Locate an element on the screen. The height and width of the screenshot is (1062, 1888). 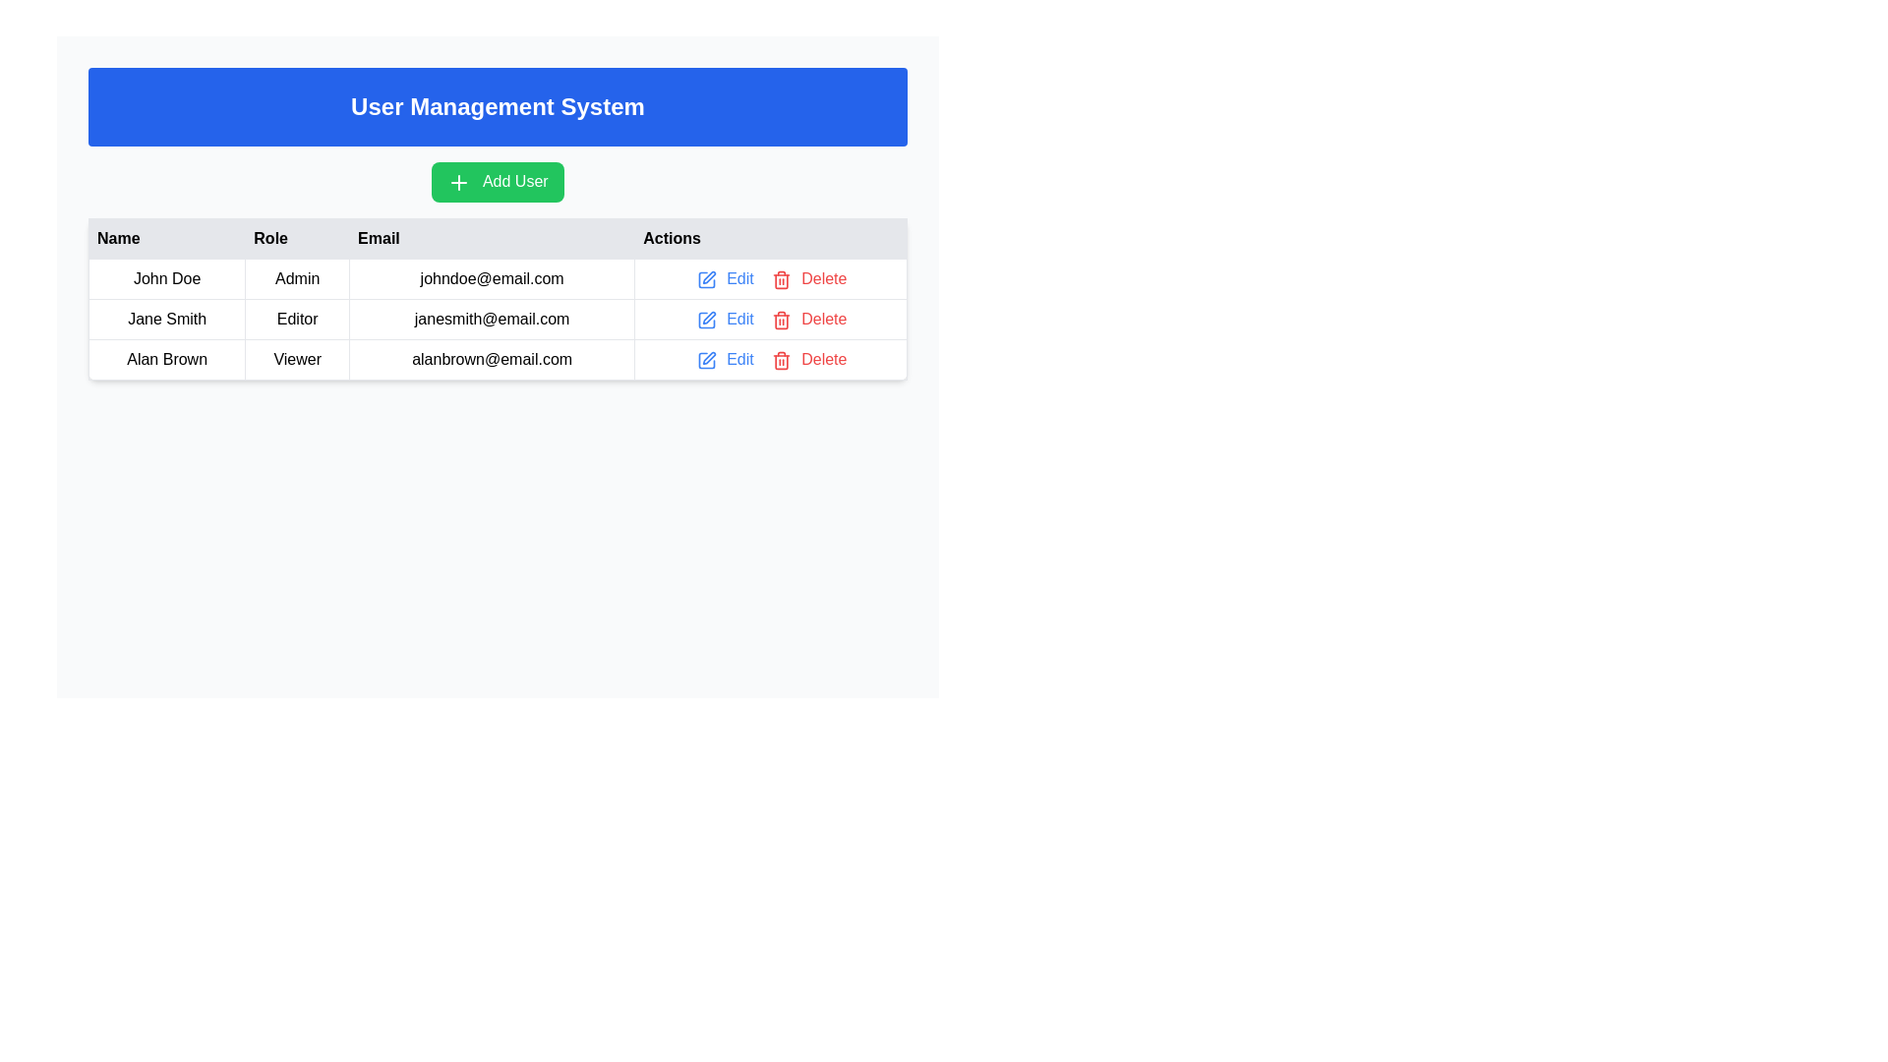
the graphical pen icon that represents the 'Edit' option adjacent to 'Jane Smith' in the user management table is located at coordinates (708, 317).